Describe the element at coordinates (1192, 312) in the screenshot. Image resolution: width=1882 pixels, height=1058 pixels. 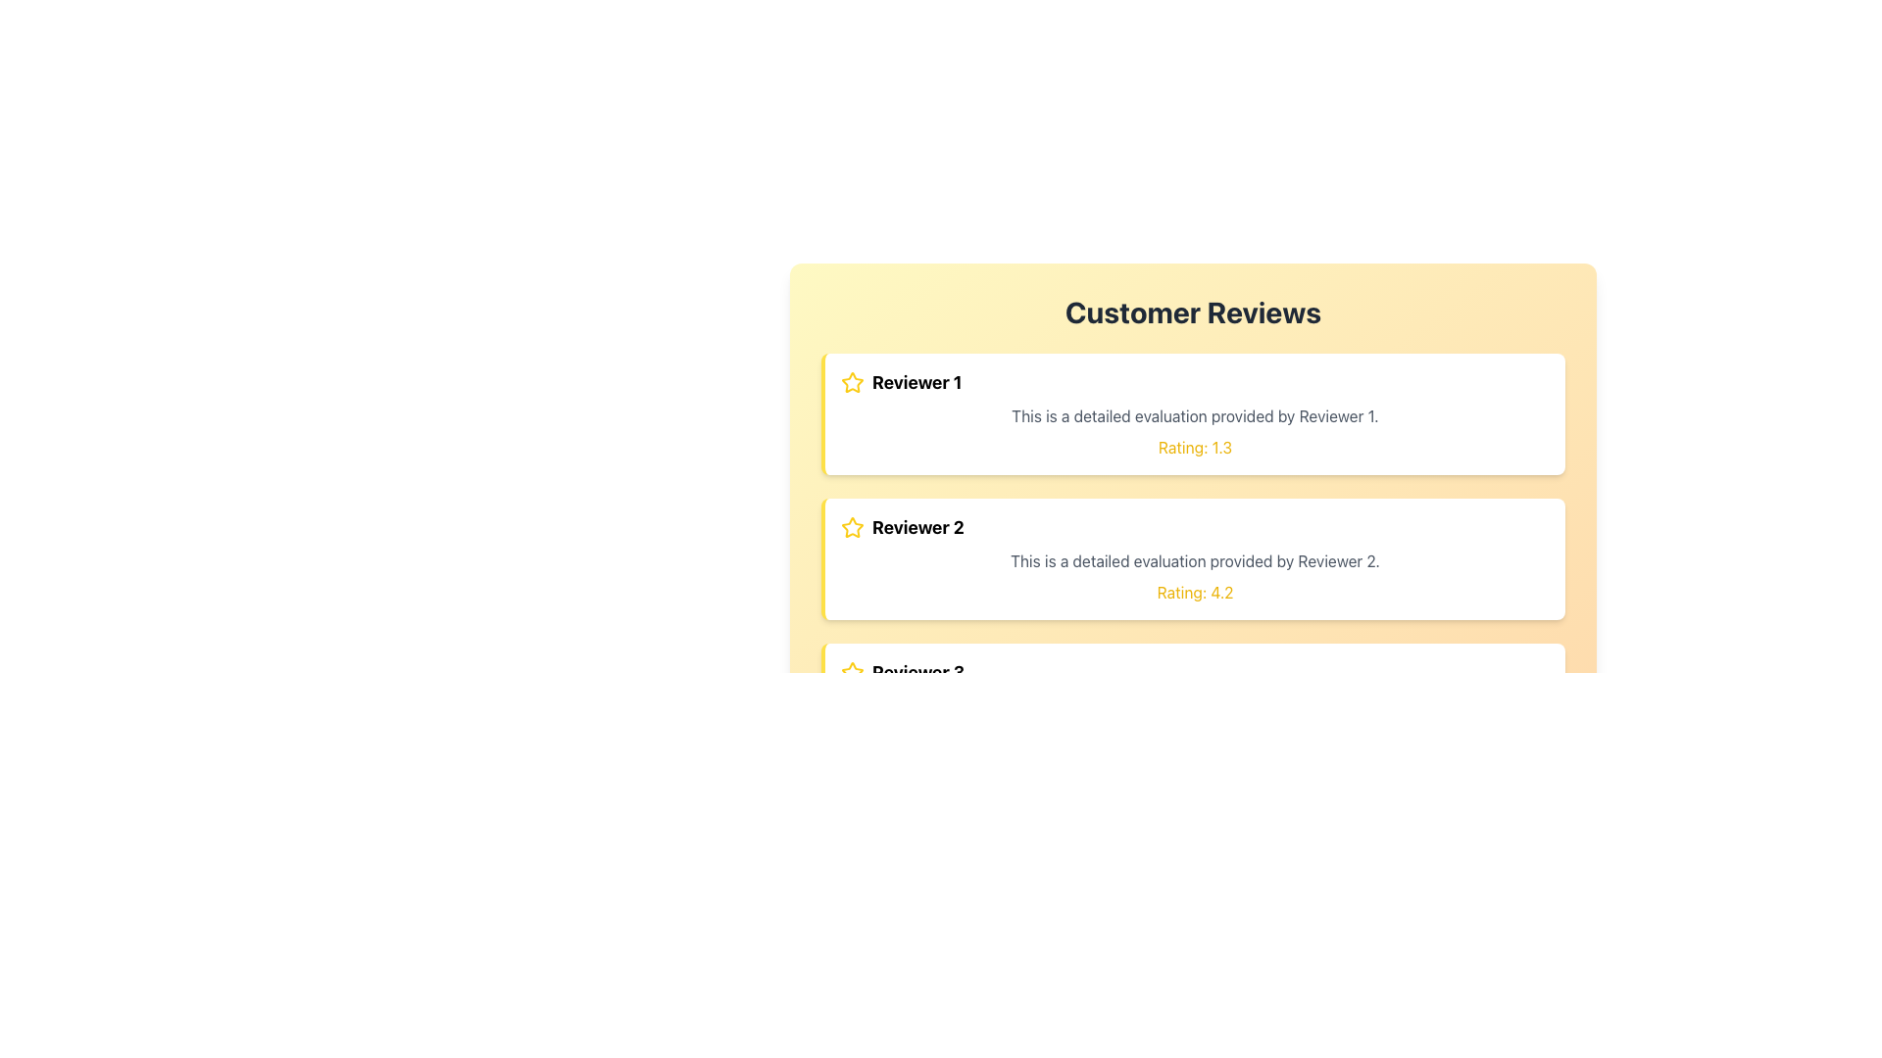
I see `the 'Customer Reviews' text header, which is bold, large, dark gray, and centered at the top of a light yellow to orange gradient background` at that location.